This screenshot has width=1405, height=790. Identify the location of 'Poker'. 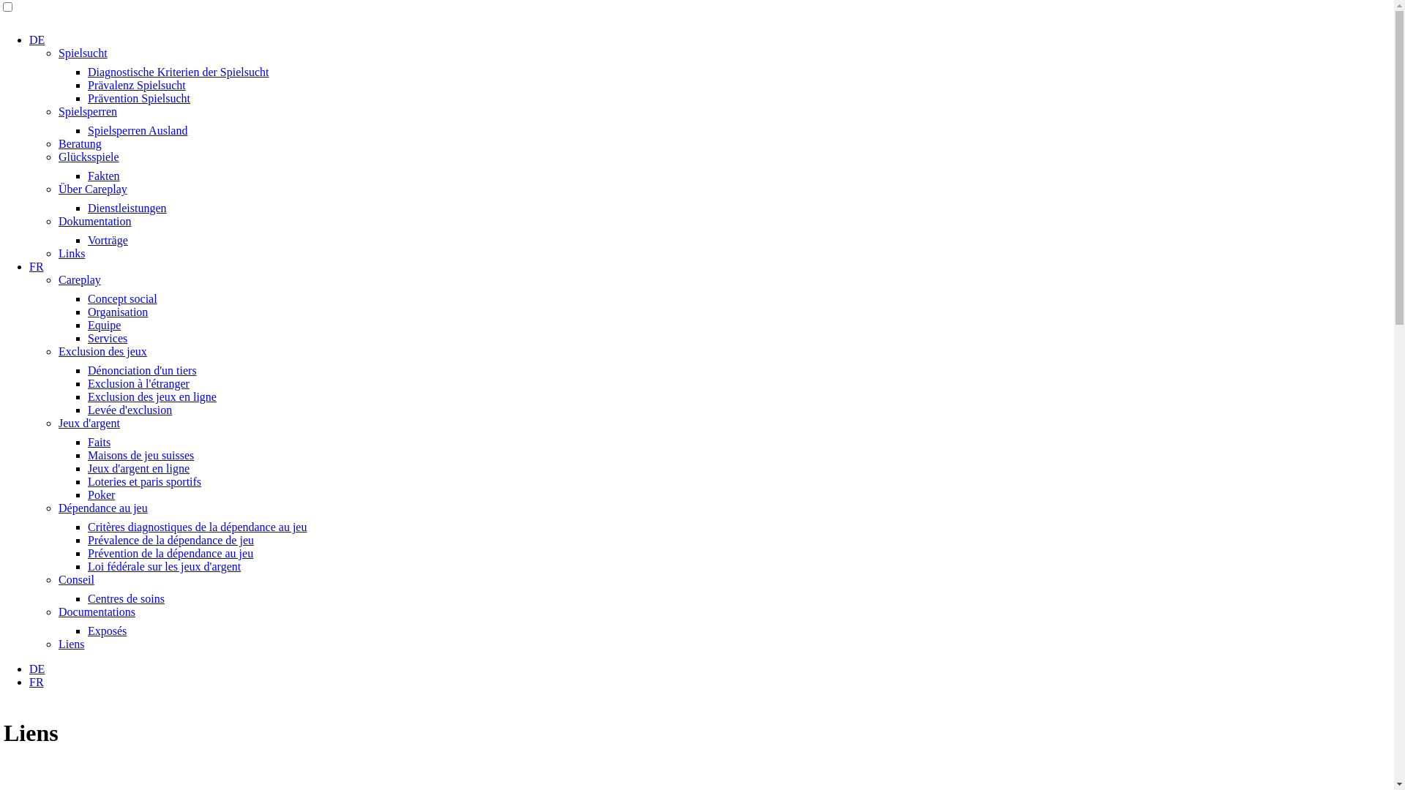
(100, 494).